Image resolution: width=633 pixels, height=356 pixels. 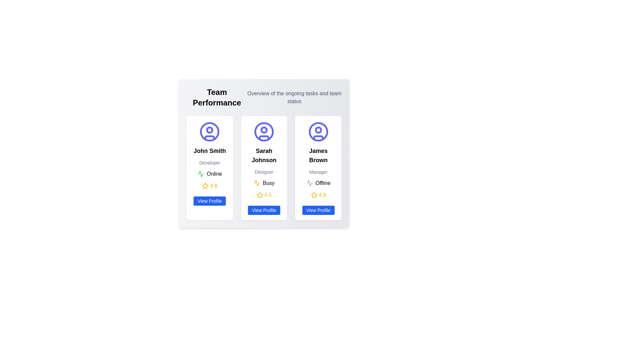 I want to click on the second star icon in the middle box of the layout associated with user 'Sarah Johnson' to interact with the rating, so click(x=259, y=194).